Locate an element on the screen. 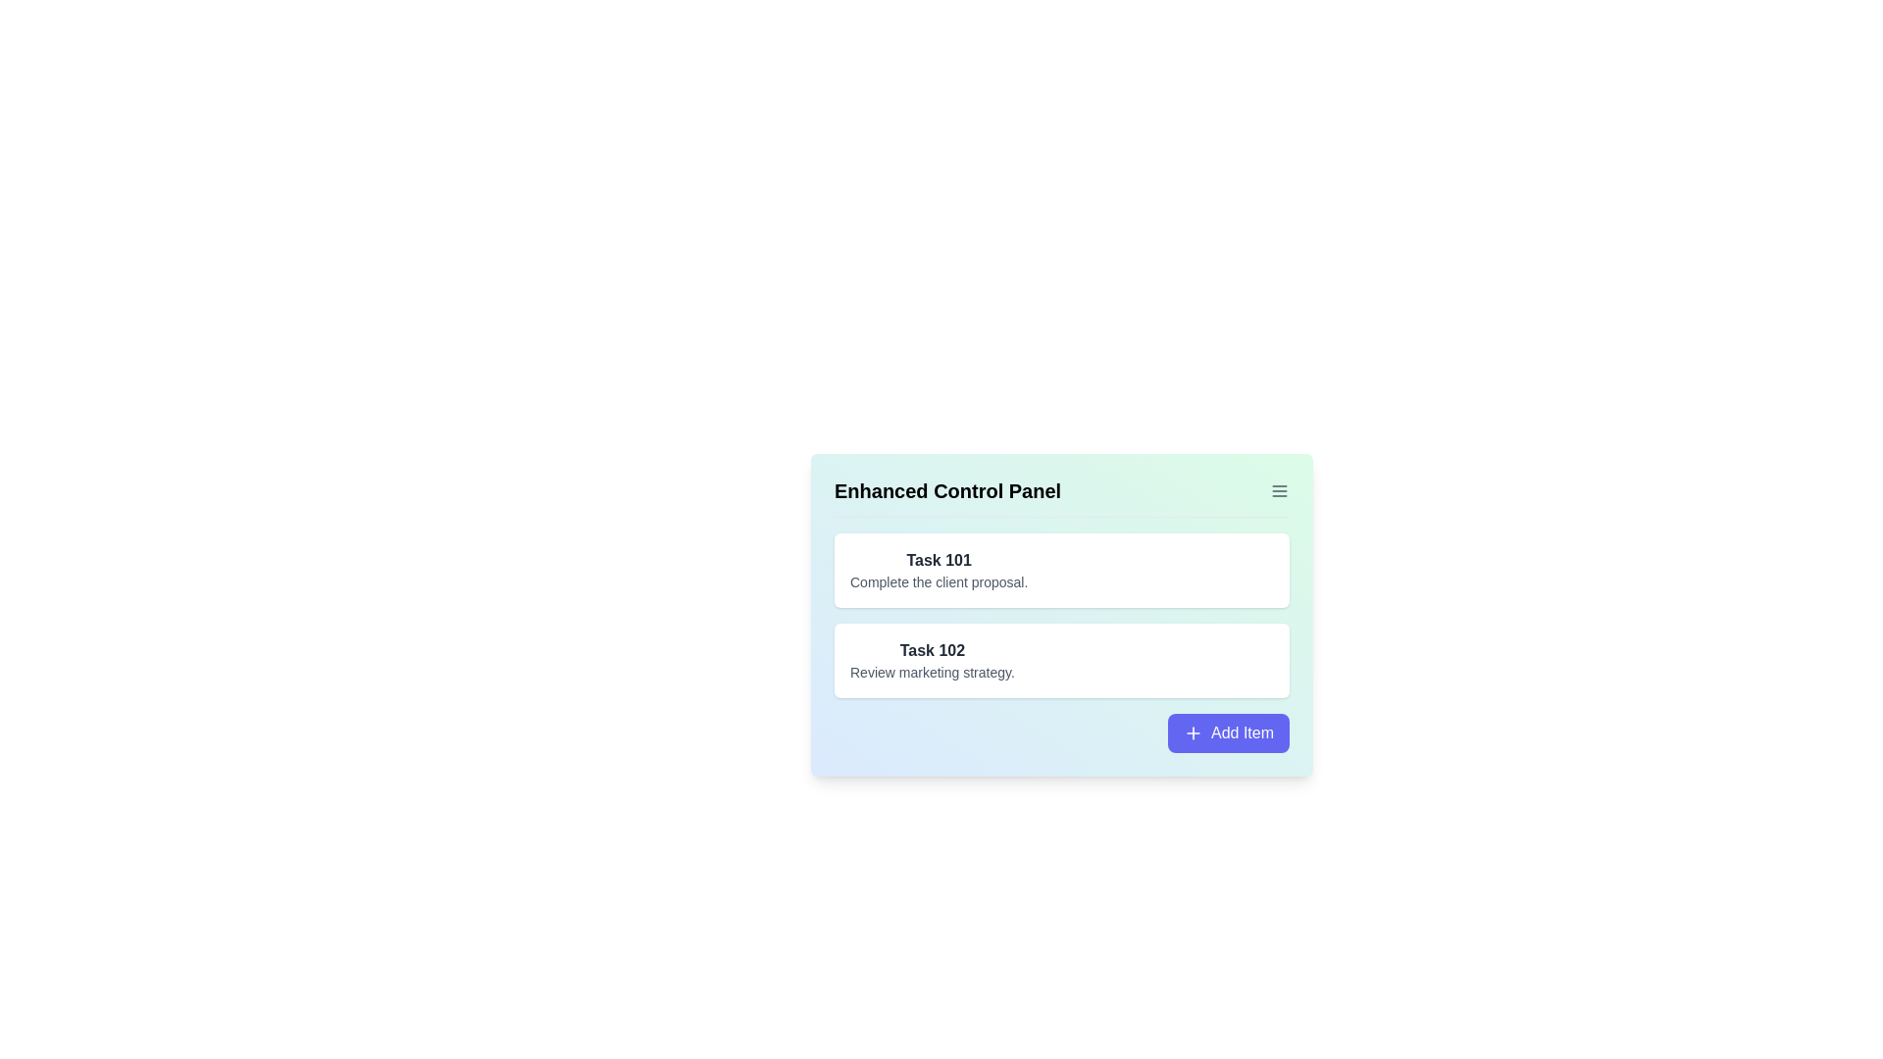 The height and width of the screenshot is (1059, 1883). text of the 'Add Item' label located within a button at the bottom-right corner of the task management panel is located at coordinates (1242, 733).